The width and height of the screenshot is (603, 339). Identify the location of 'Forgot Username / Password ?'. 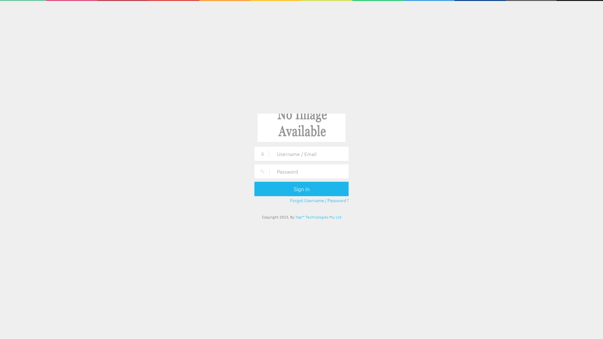
(319, 200).